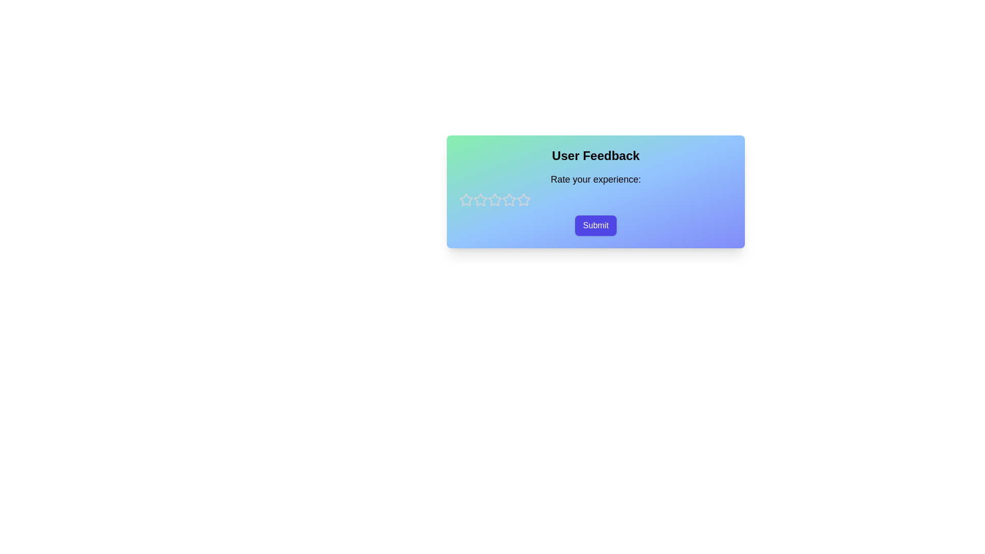  I want to click on across the second rating star icon, so click(480, 200).